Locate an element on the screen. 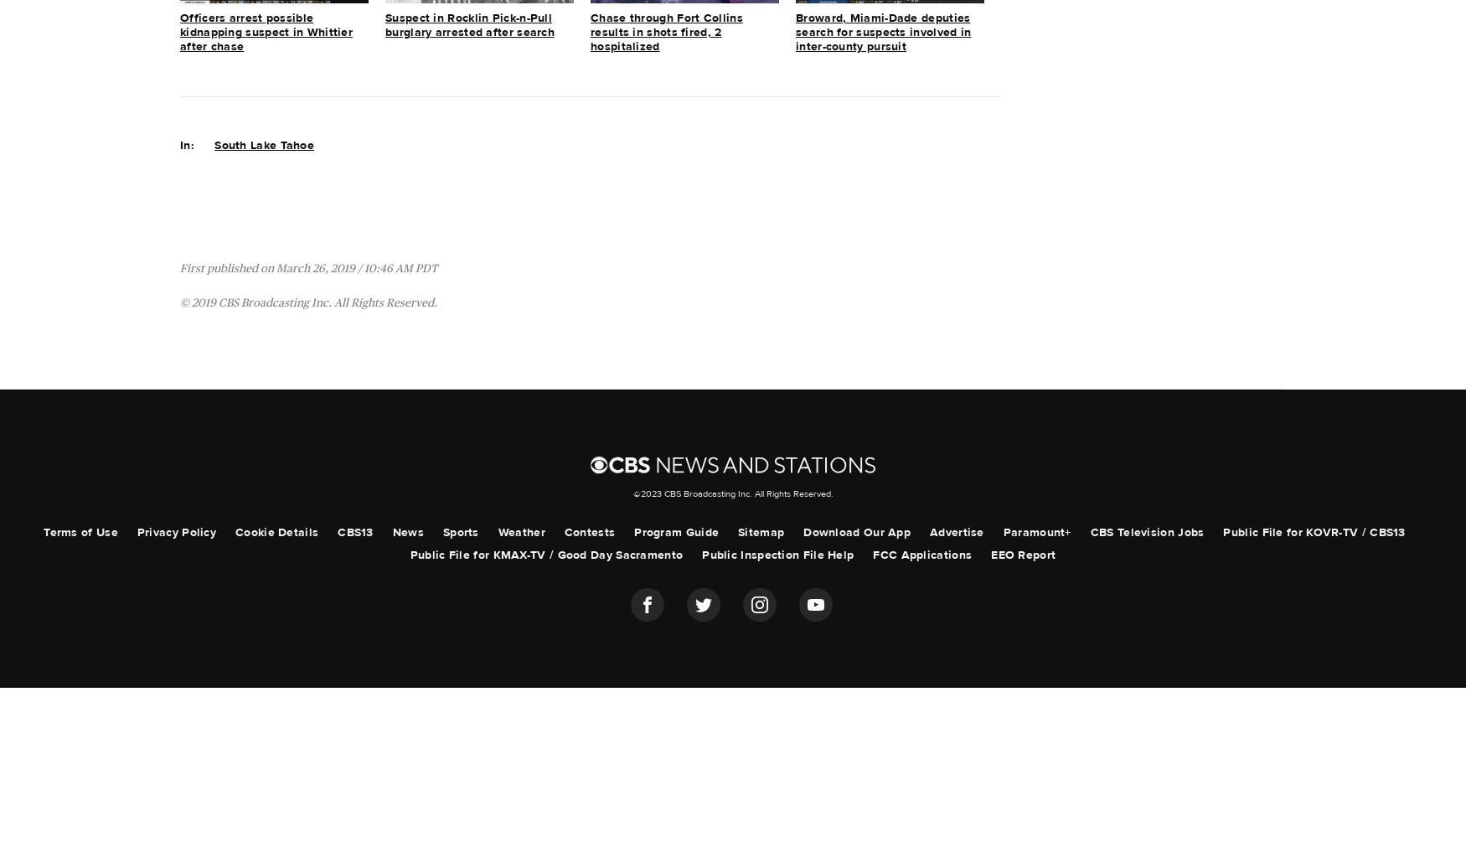  'Public Inspection File Help' is located at coordinates (777, 555).